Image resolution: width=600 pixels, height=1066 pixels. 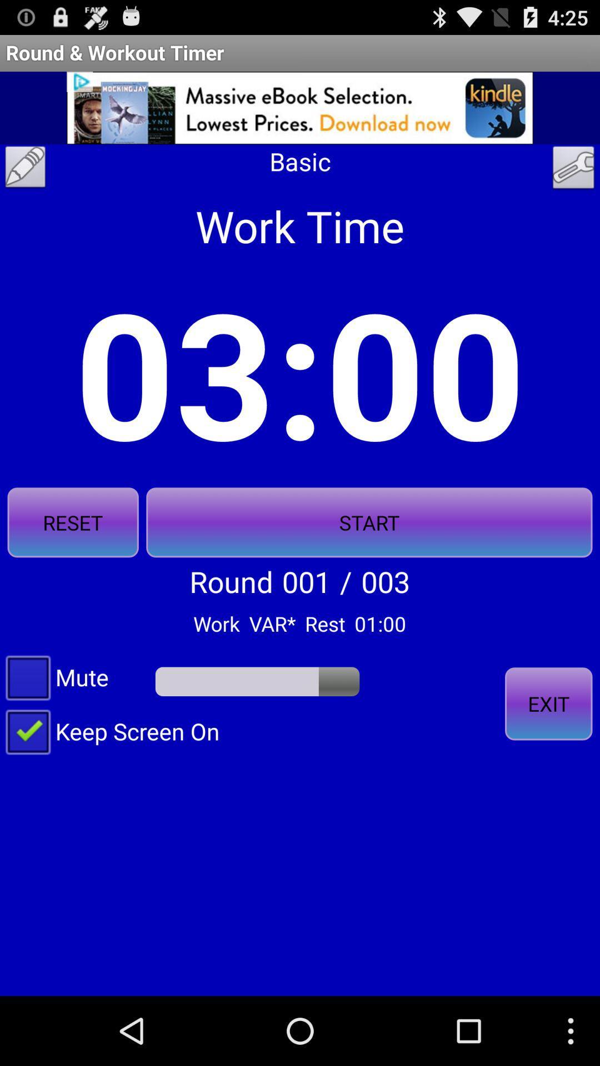 What do you see at coordinates (548, 703) in the screenshot?
I see `icon below the start item` at bounding box center [548, 703].